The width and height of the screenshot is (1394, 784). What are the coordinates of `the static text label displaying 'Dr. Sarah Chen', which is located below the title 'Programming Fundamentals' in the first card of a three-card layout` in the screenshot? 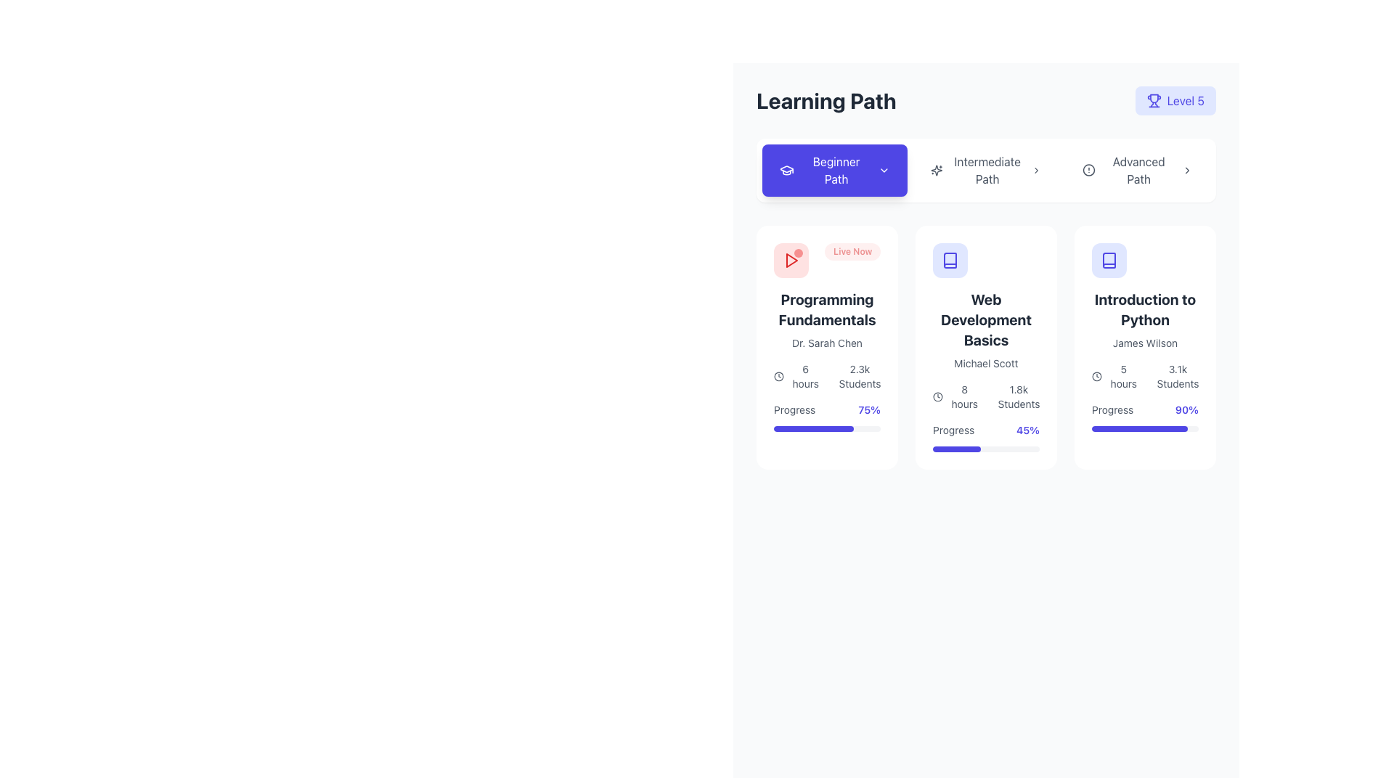 It's located at (827, 343).